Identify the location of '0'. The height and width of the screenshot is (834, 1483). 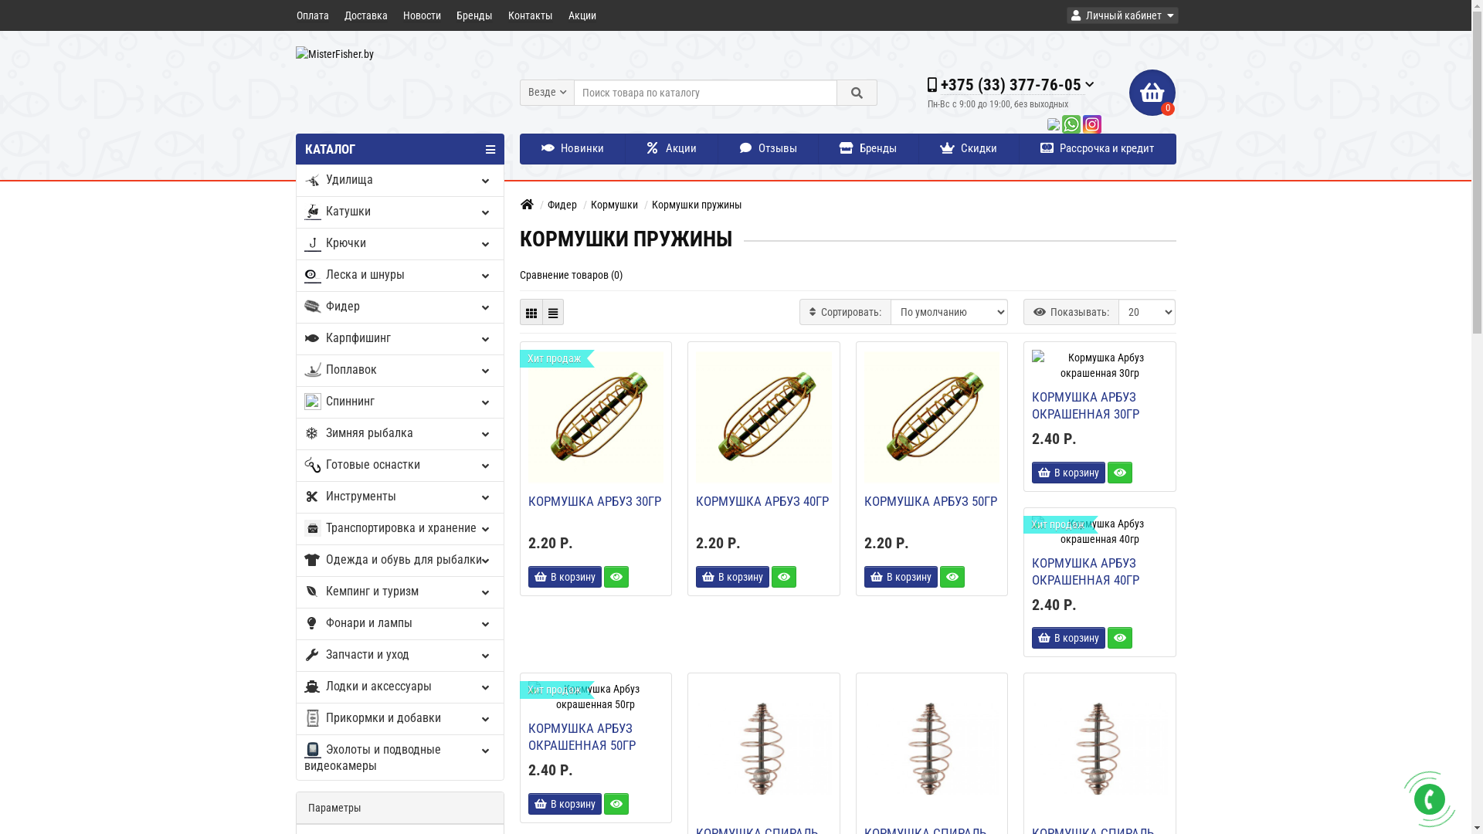
(1152, 92).